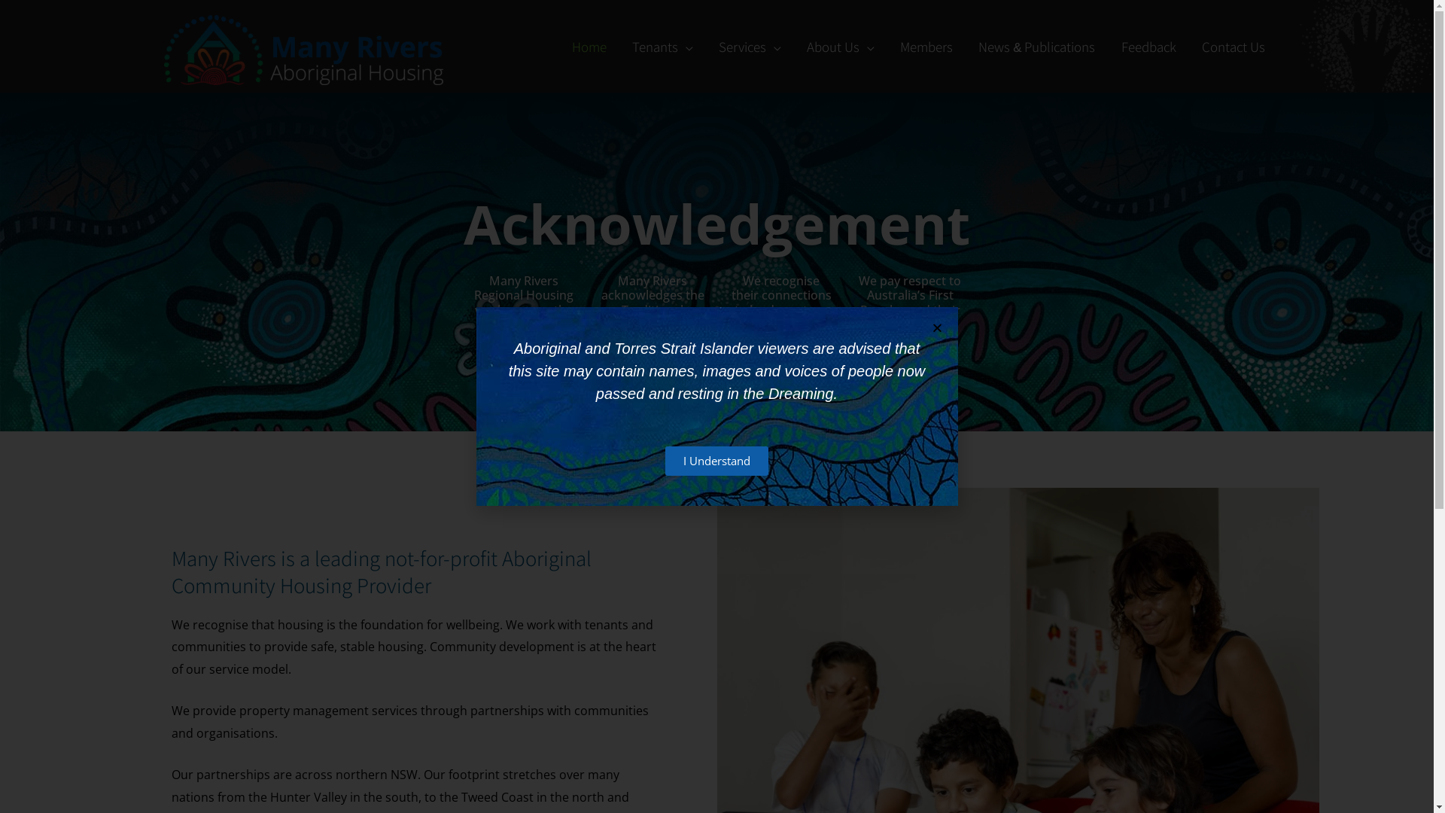 This screenshot has width=1445, height=813. I want to click on 'Tenants', so click(662, 45).